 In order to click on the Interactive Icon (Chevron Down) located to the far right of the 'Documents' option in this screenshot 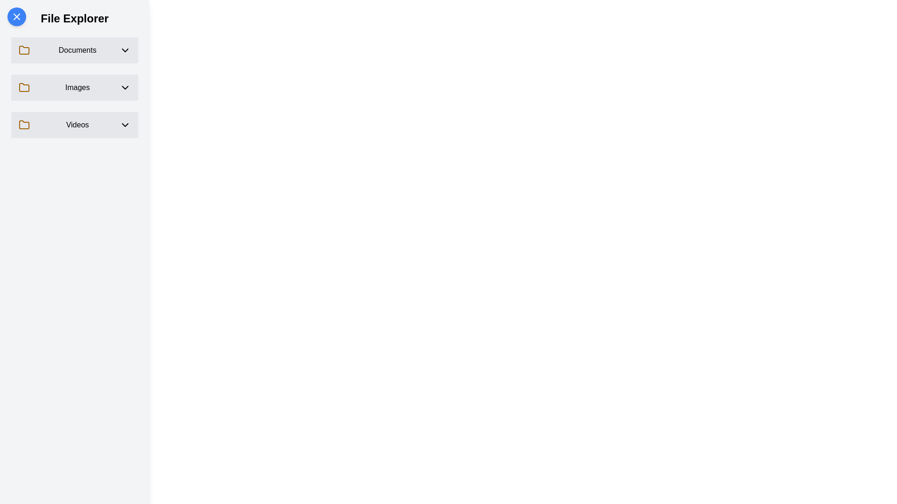, I will do `click(125, 50)`.